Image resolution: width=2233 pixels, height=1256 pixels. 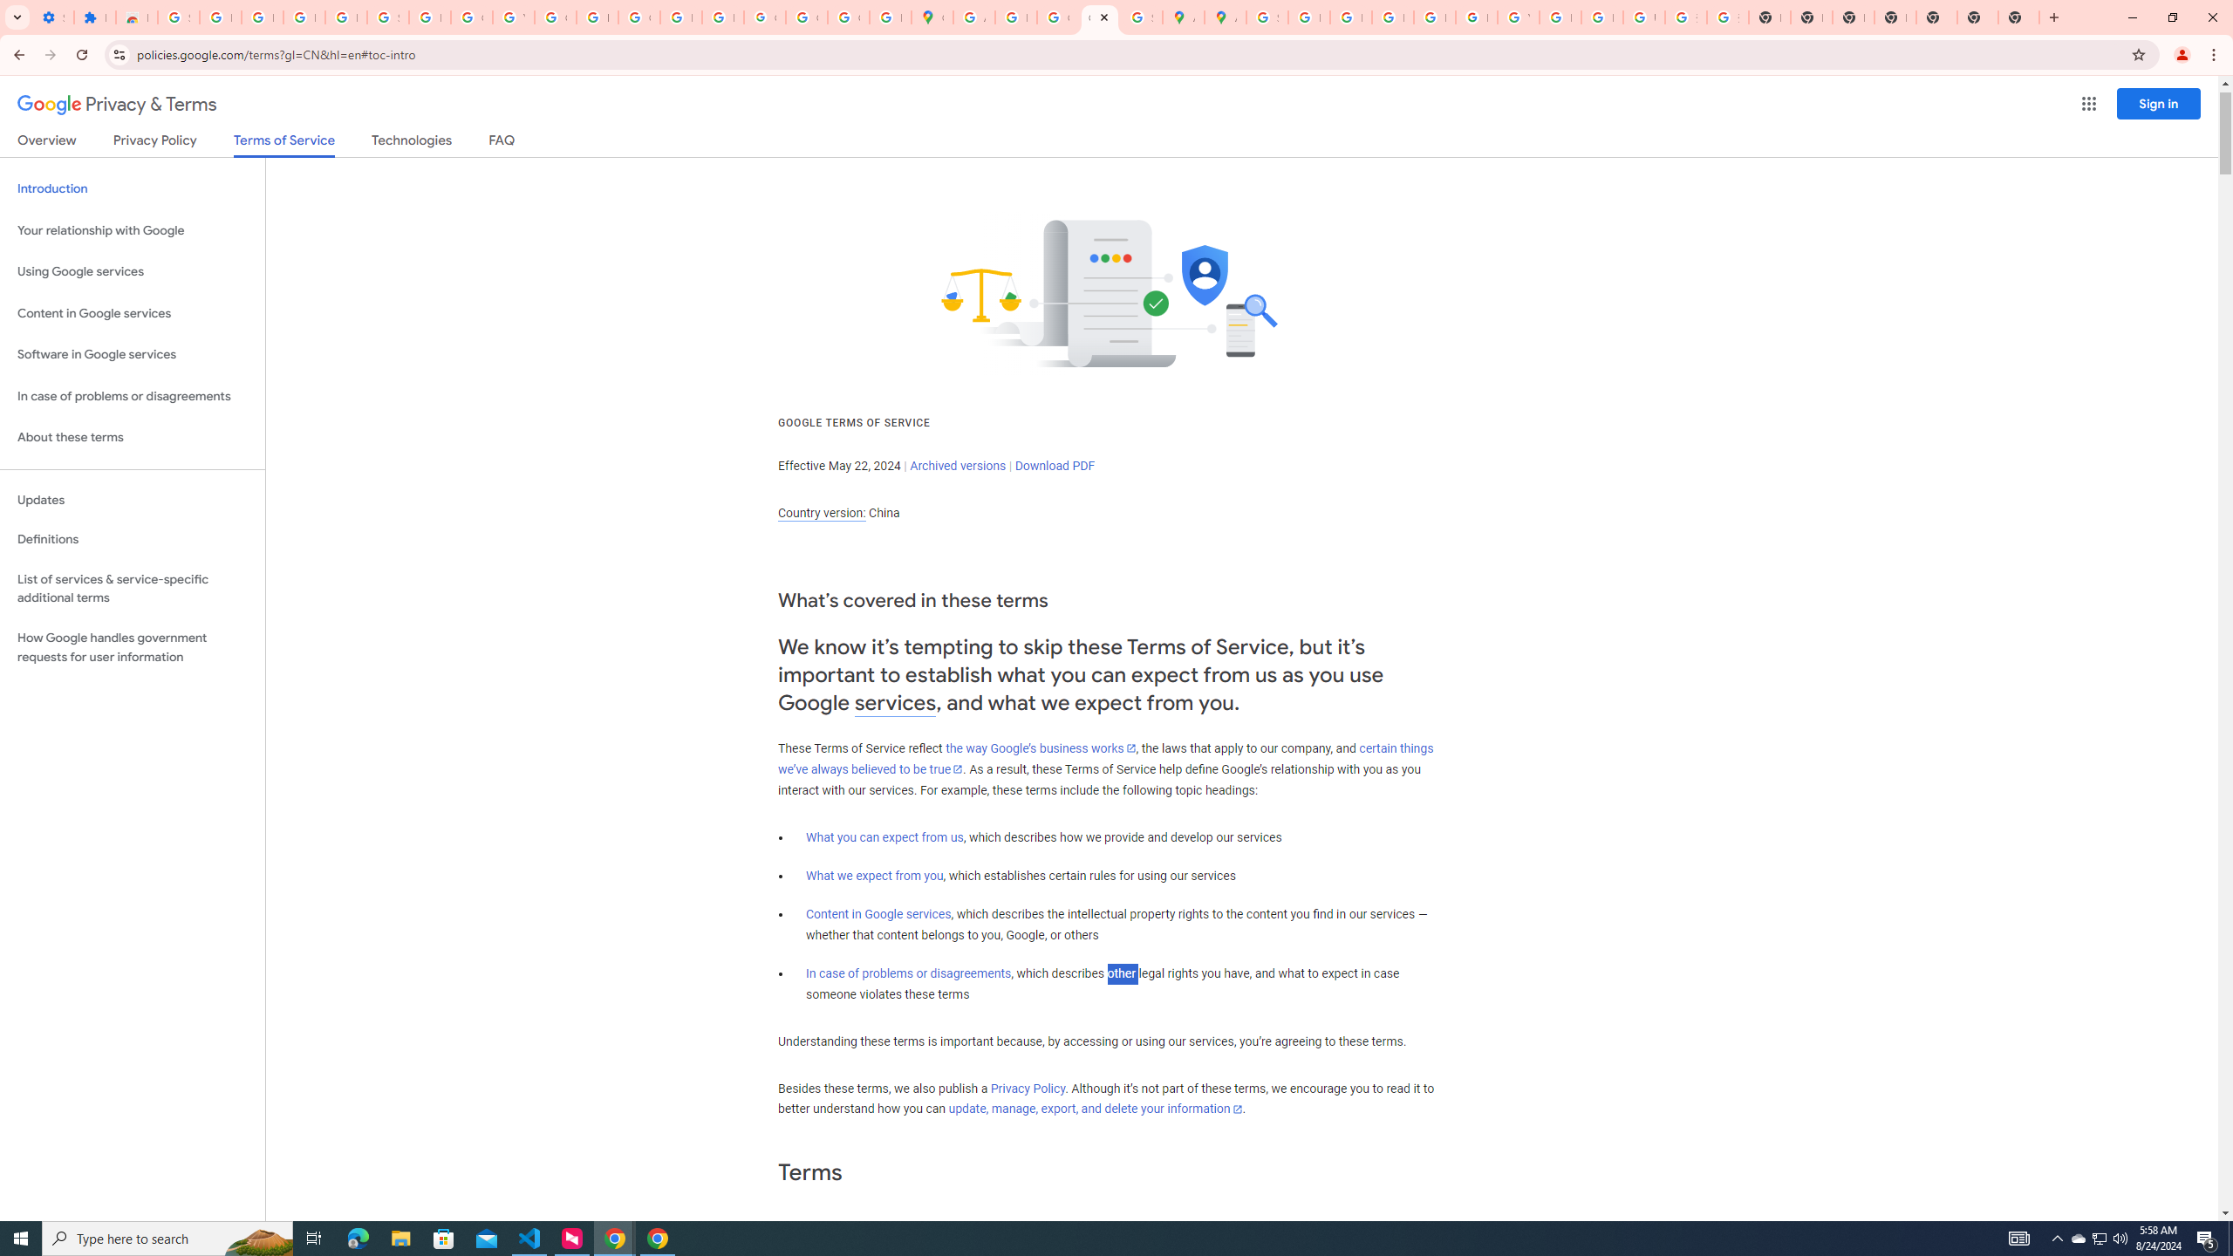 I want to click on 'Settings - On startup', so click(x=53, y=17).